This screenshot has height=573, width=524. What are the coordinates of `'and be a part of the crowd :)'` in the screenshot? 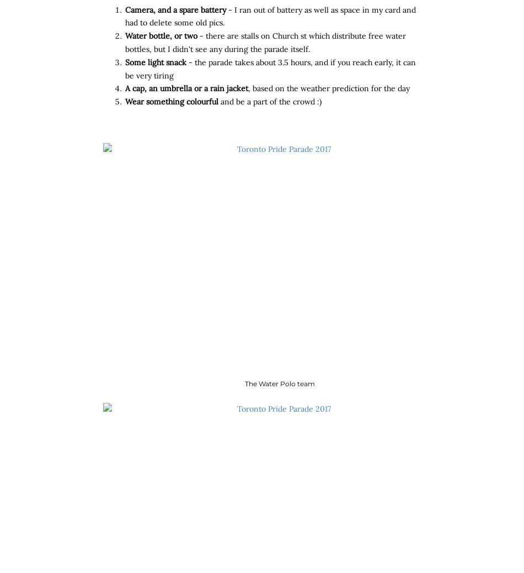 It's located at (270, 101).